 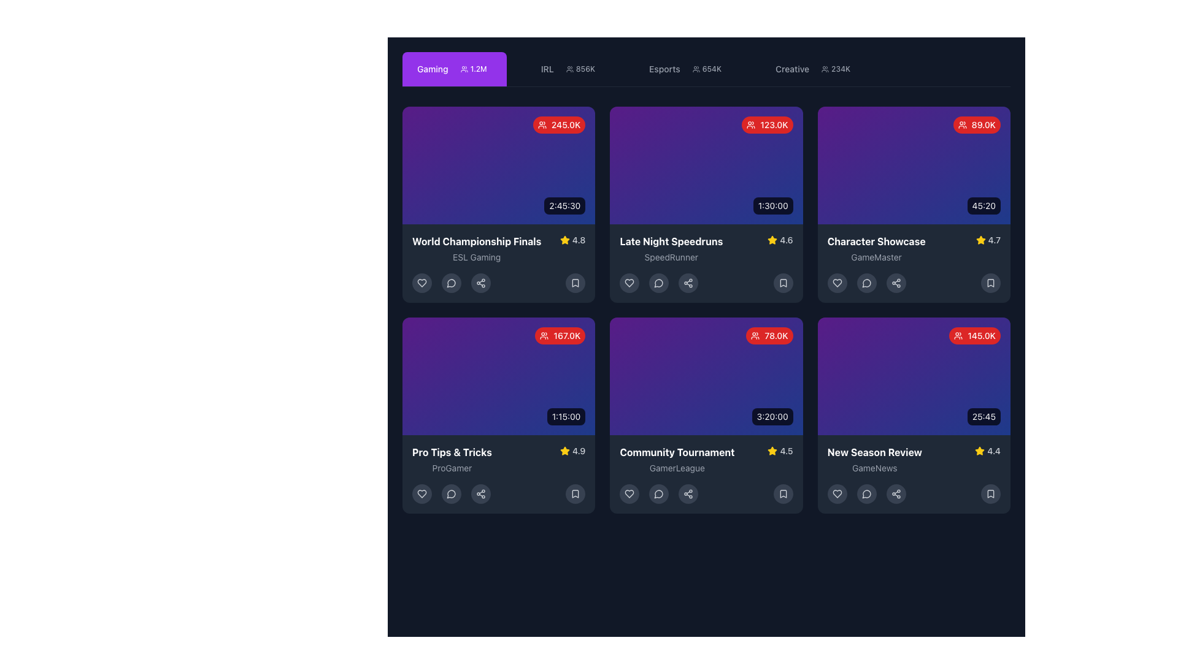 I want to click on the 'Community Tournament' text label, which is styled in bold white font and located in the upper part of the second card from the left, above the subheading 'GamerLeague', so click(x=676, y=452).